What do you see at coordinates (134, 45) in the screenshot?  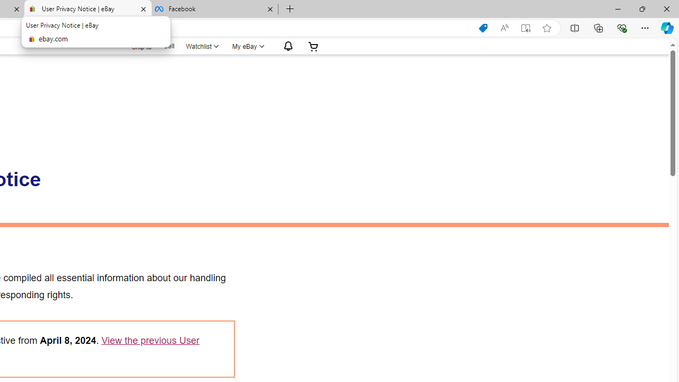 I see `'Ship to'` at bounding box center [134, 45].